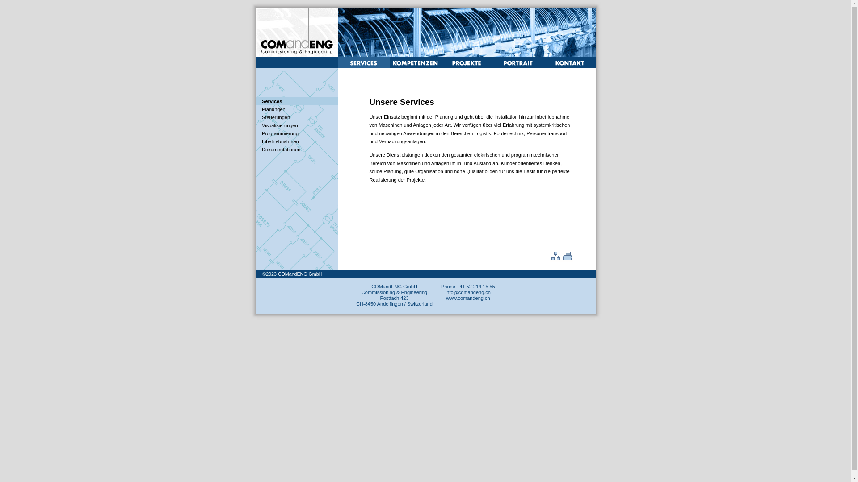 The height and width of the screenshot is (482, 858). What do you see at coordinates (279, 125) in the screenshot?
I see `'Visualisierungen'` at bounding box center [279, 125].